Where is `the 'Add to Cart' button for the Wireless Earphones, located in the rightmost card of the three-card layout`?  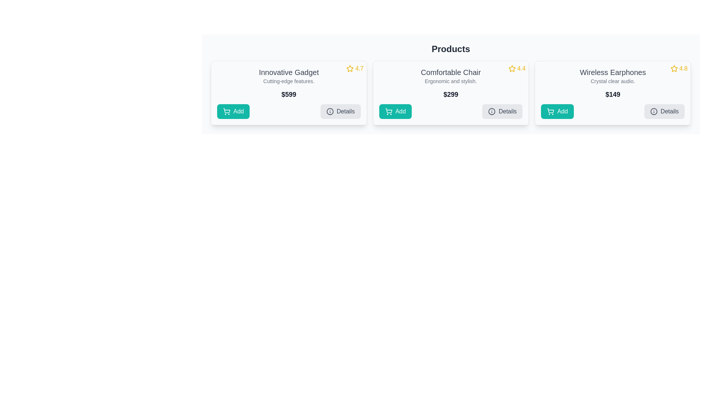 the 'Add to Cart' button for the Wireless Earphones, located in the rightmost card of the three-card layout is located at coordinates (557, 111).